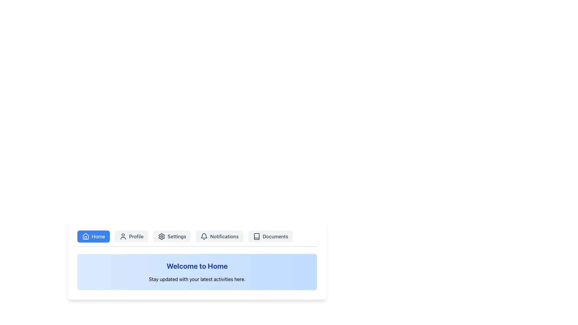 The height and width of the screenshot is (325, 578). I want to click on the first button in the top navigation bar, so click(93, 236).